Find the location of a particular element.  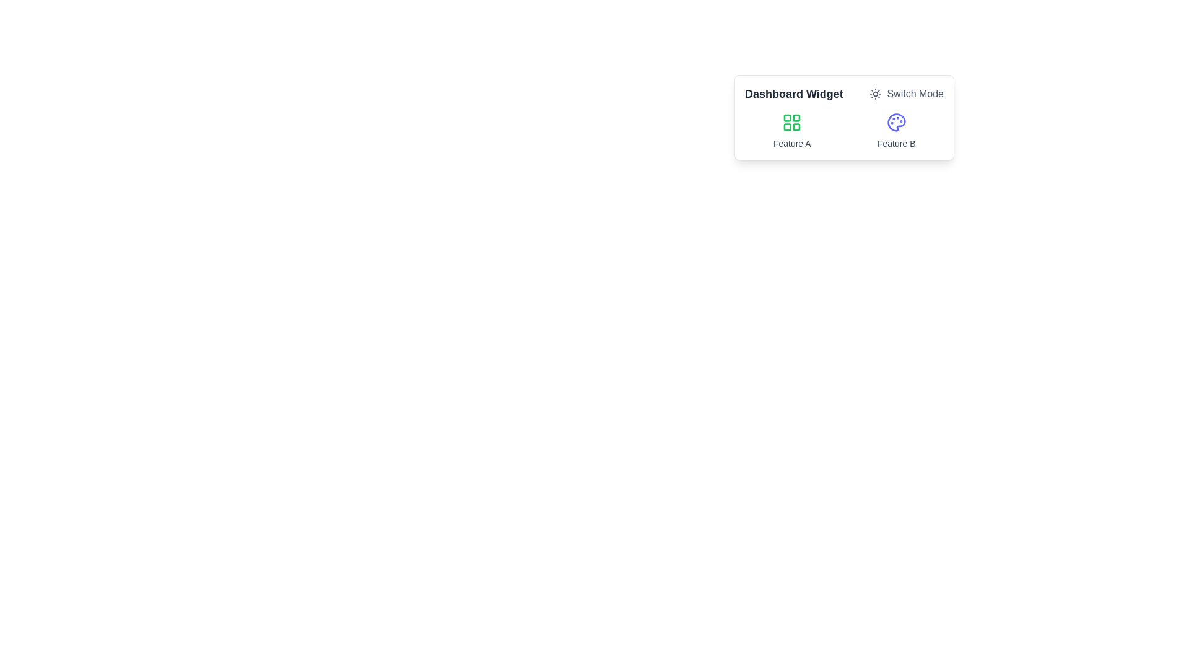

the 'Switch Mode' graphic icon located to the left of the 'Switch Mode' label is located at coordinates (875, 93).